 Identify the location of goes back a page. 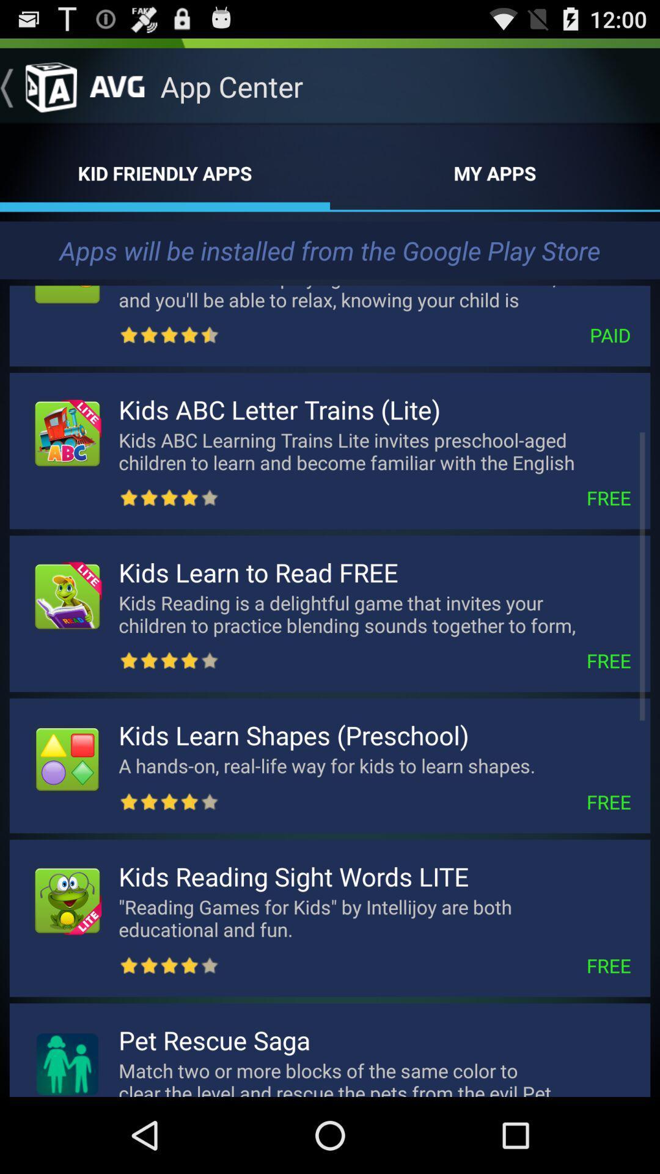
(37, 86).